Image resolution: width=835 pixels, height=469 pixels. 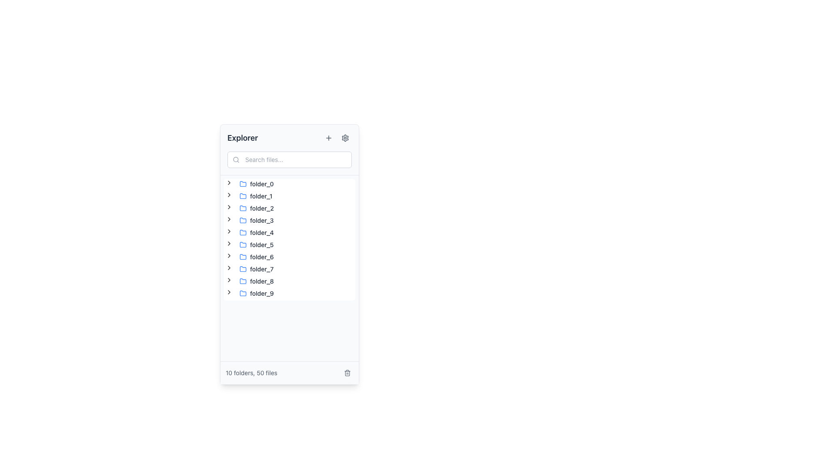 What do you see at coordinates (243, 256) in the screenshot?
I see `the folder icon labeled 'folder_6'` at bounding box center [243, 256].